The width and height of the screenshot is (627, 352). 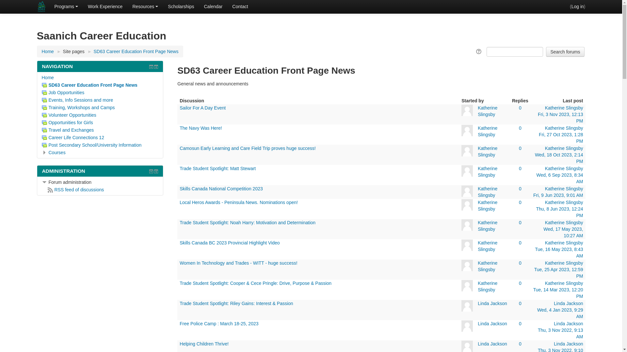 I want to click on 'Training, Workshops and Camps', so click(x=78, y=107).